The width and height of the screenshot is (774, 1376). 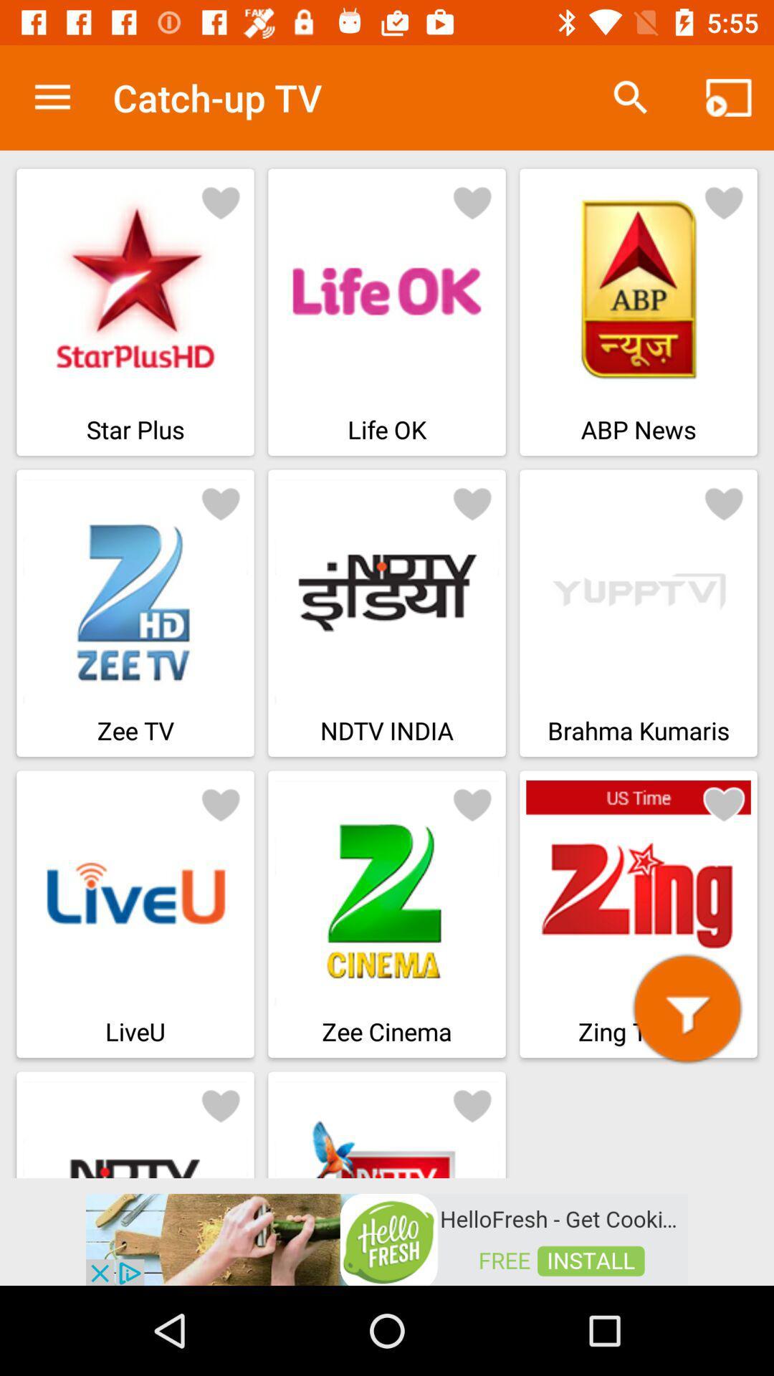 What do you see at coordinates (221, 1104) in the screenshot?
I see `favorite` at bounding box center [221, 1104].